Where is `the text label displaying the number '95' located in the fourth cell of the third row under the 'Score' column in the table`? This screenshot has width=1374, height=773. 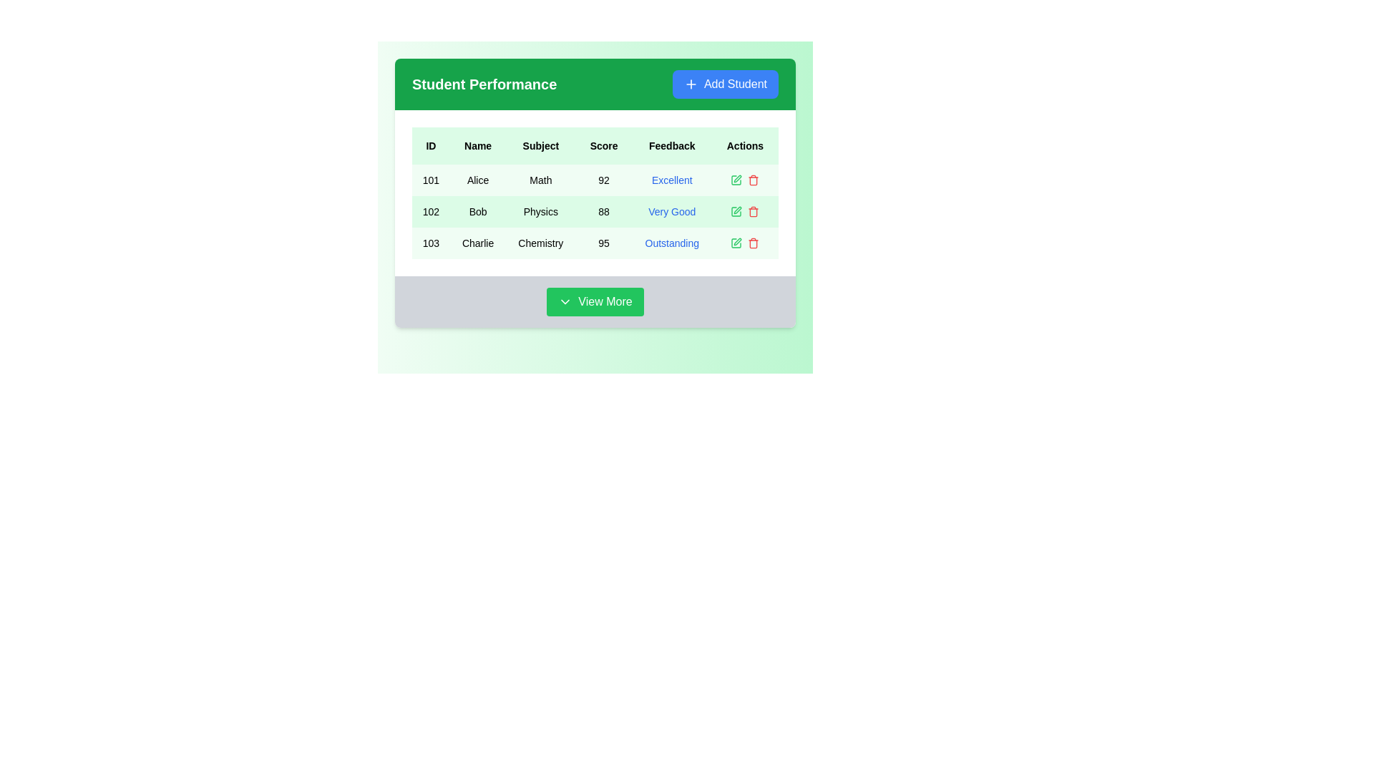
the text label displaying the number '95' located in the fourth cell of the third row under the 'Score' column in the table is located at coordinates (604, 242).